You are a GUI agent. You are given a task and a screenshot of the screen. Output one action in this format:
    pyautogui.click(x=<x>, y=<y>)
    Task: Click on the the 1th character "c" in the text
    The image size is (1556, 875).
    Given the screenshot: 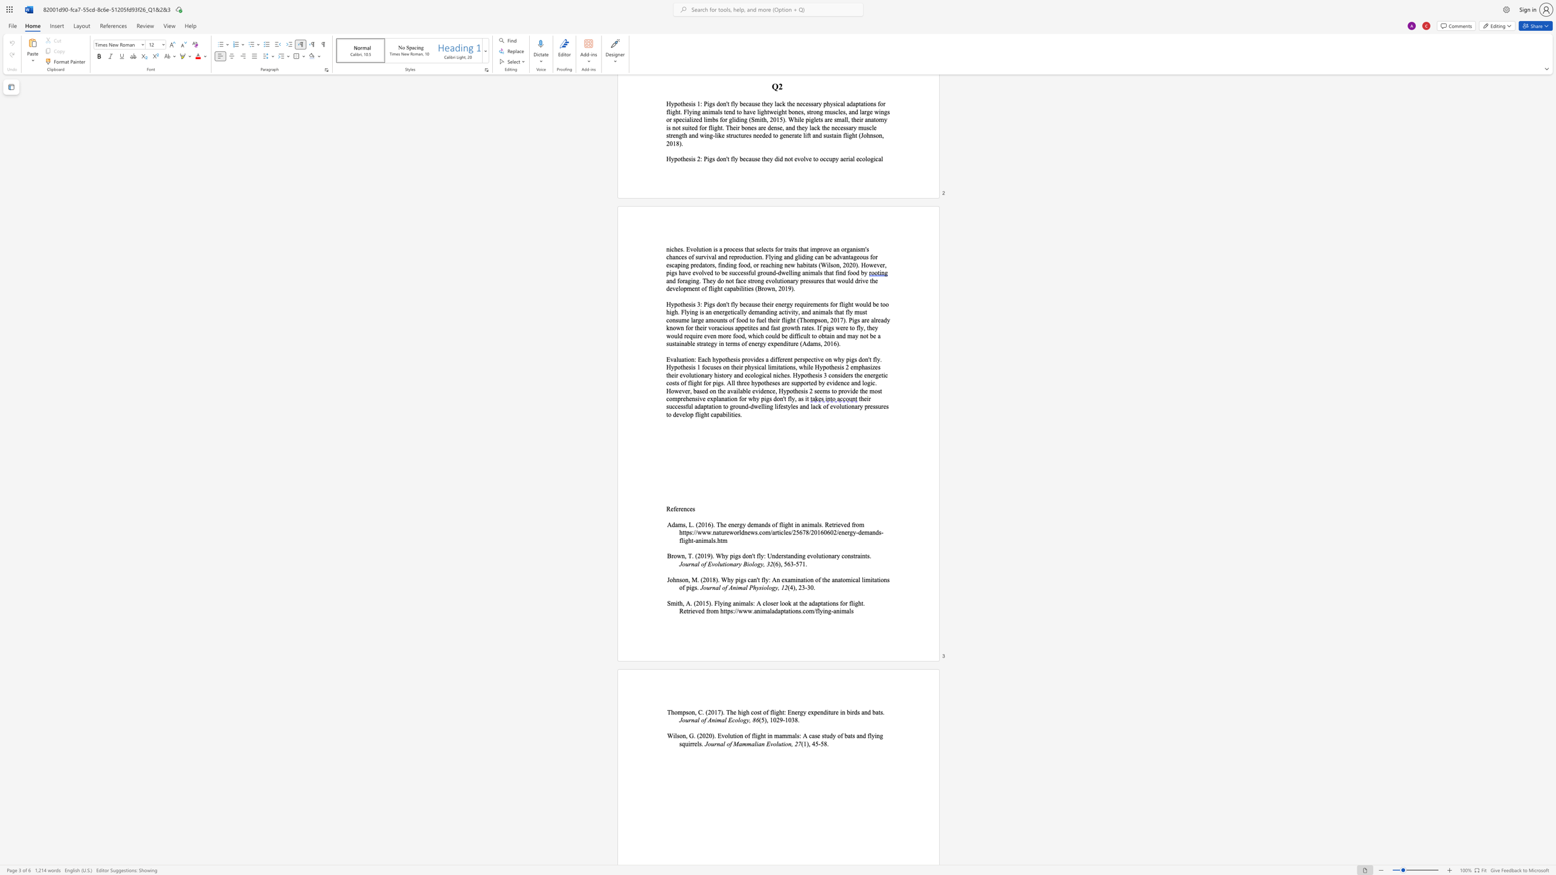 What is the action you would take?
    pyautogui.click(x=687, y=508)
    